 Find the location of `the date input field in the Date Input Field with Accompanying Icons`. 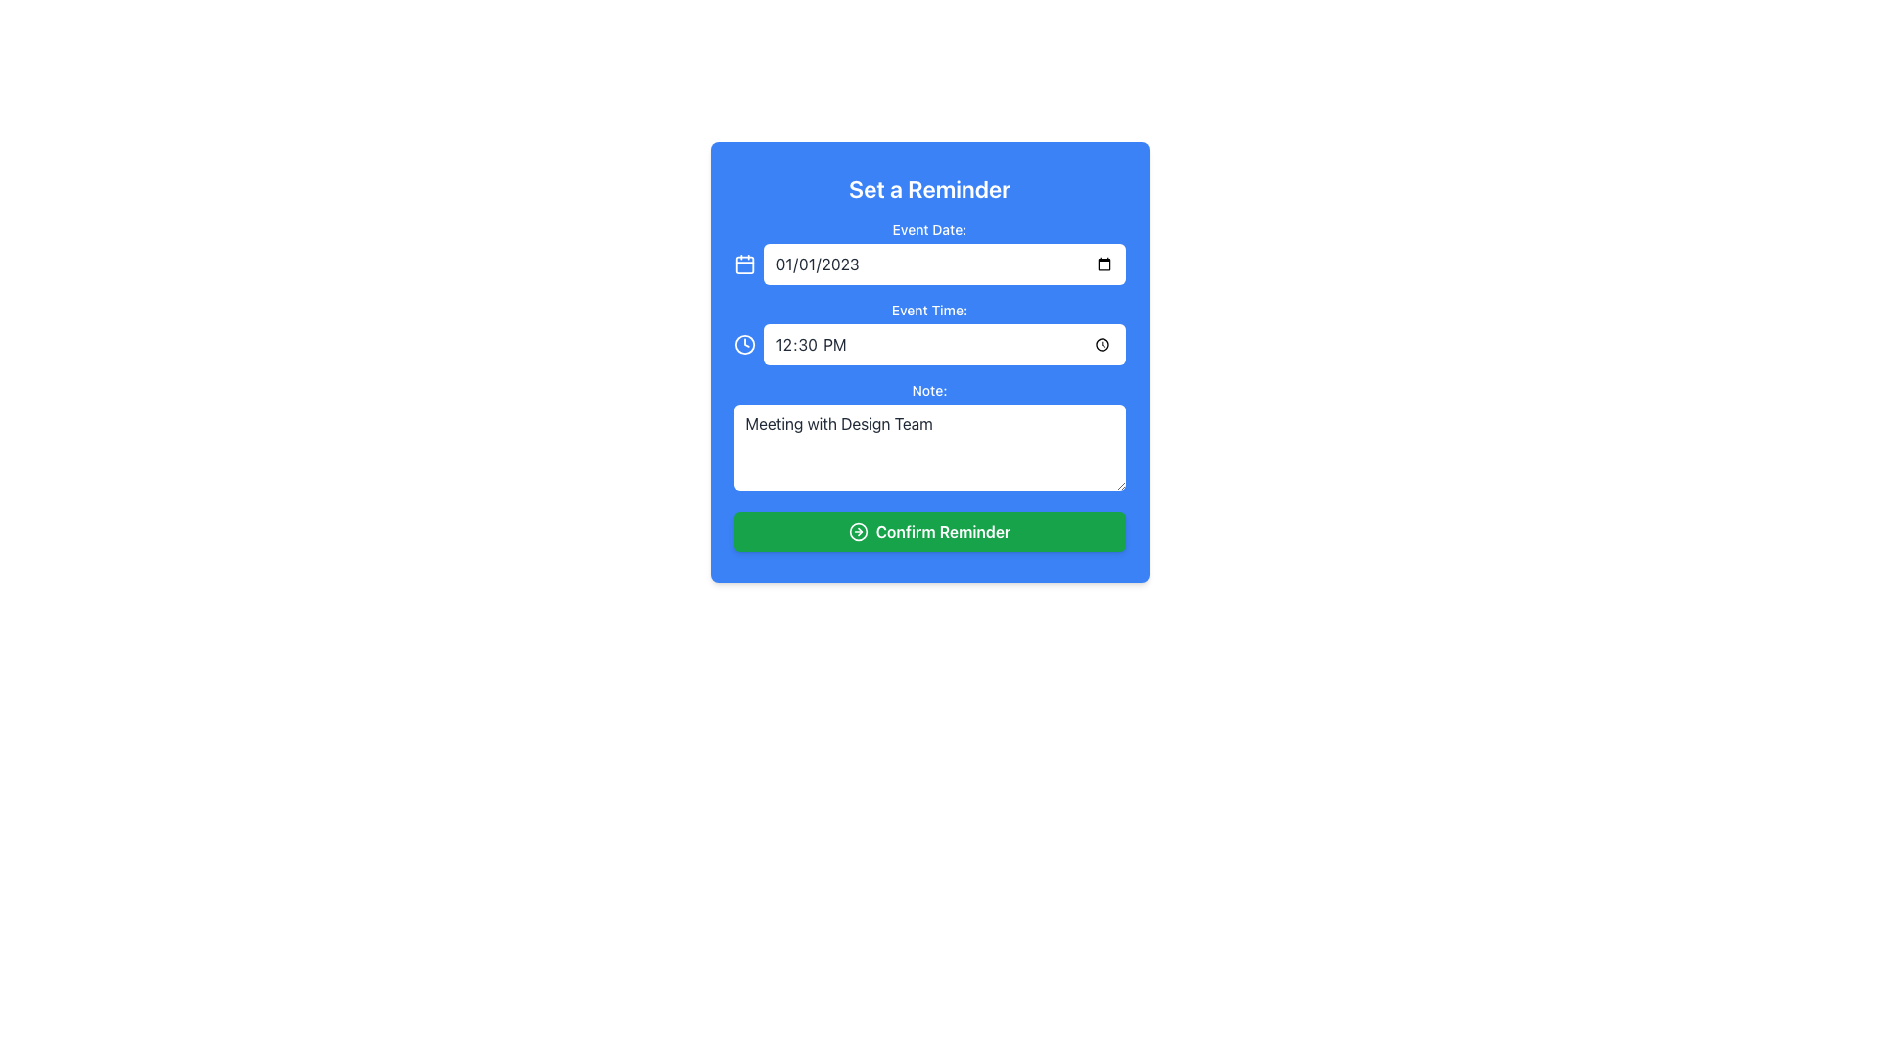

the date input field in the Date Input Field with Accompanying Icons is located at coordinates (928, 264).